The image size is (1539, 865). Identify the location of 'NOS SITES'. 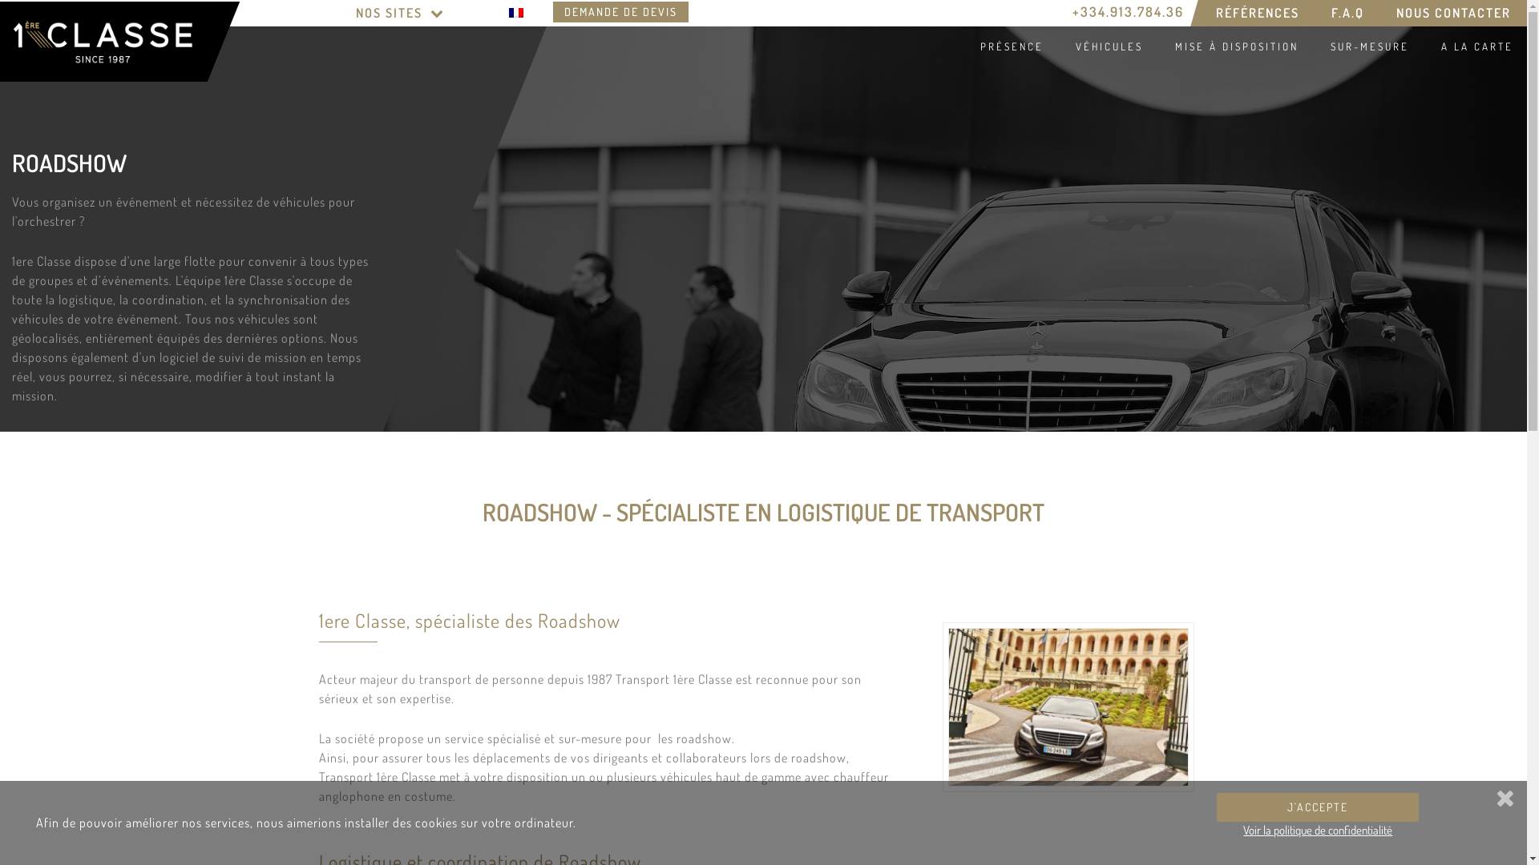
(400, 13).